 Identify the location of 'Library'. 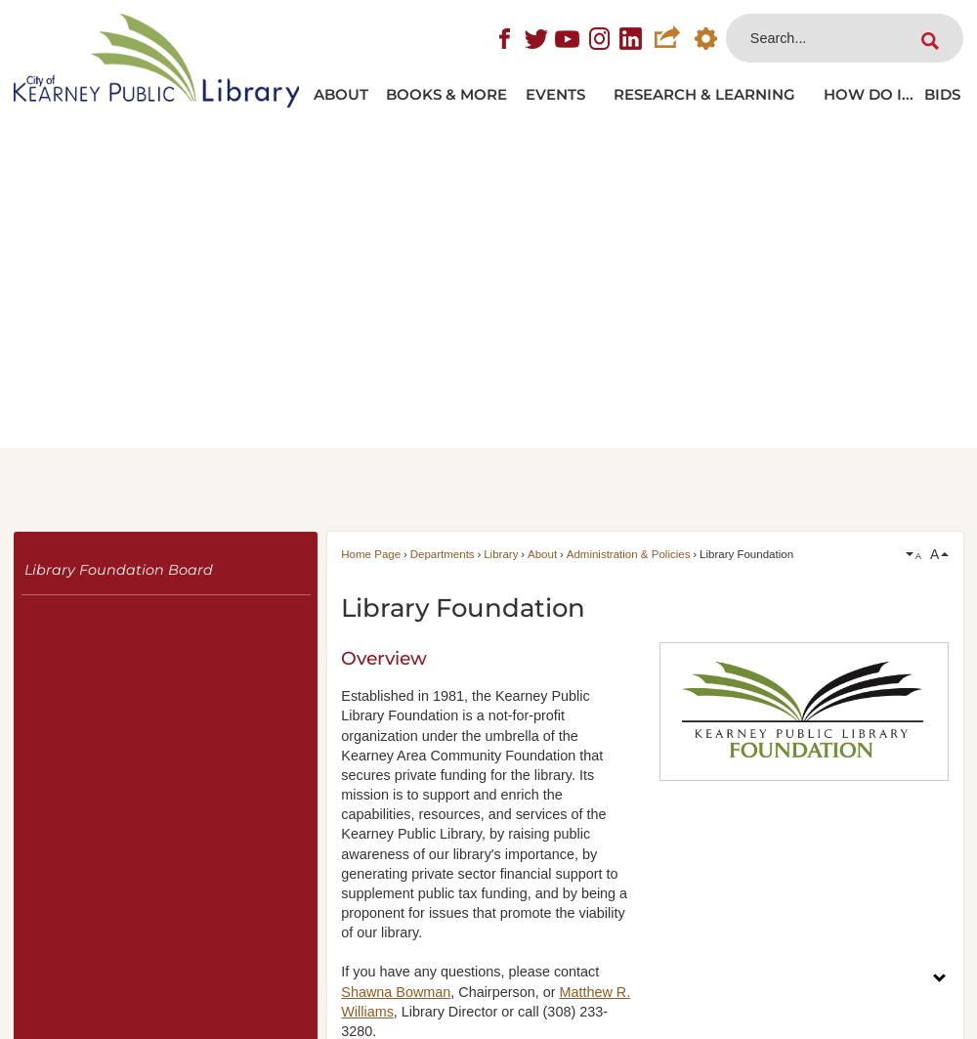
(483, 552).